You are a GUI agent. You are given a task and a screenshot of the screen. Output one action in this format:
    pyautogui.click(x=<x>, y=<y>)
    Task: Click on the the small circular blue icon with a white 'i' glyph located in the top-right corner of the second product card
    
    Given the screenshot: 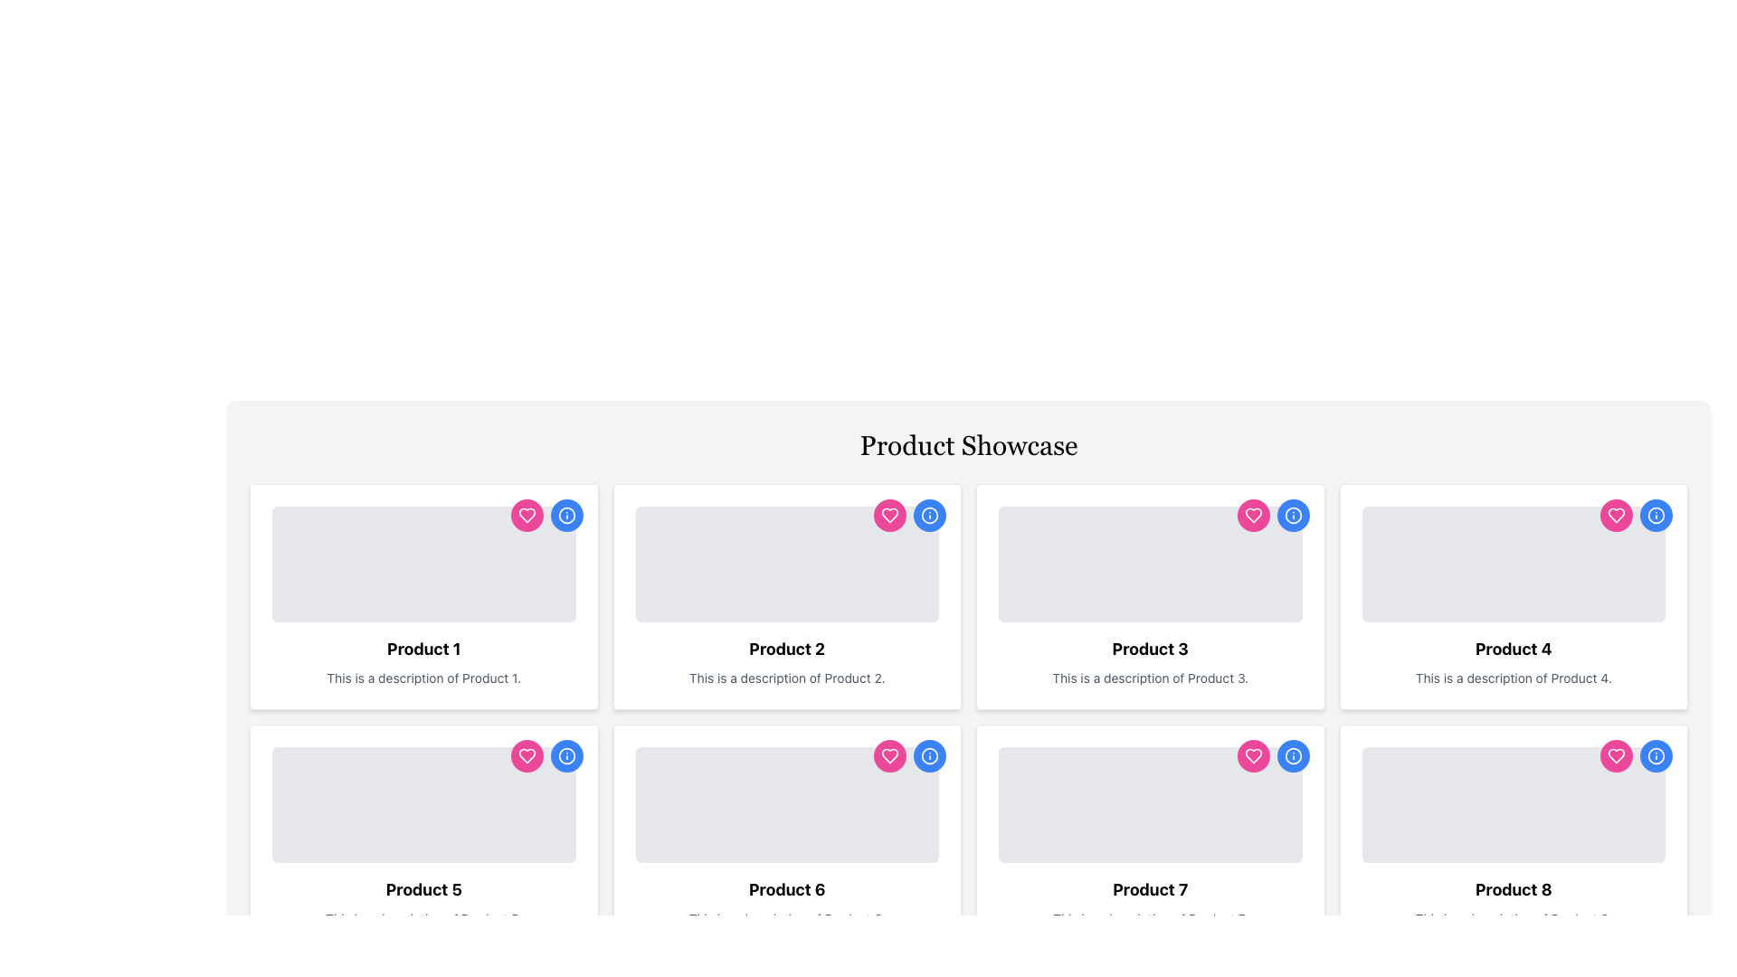 What is the action you would take?
    pyautogui.click(x=929, y=516)
    